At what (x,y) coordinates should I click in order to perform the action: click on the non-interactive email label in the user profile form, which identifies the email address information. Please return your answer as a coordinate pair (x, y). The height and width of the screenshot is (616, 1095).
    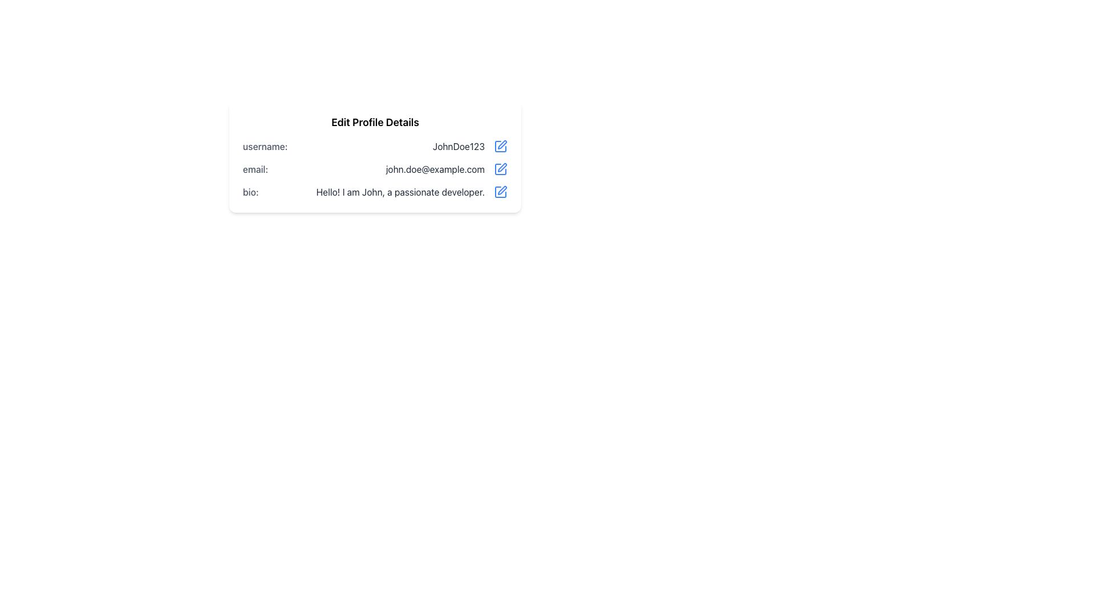
    Looking at the image, I should click on (255, 169).